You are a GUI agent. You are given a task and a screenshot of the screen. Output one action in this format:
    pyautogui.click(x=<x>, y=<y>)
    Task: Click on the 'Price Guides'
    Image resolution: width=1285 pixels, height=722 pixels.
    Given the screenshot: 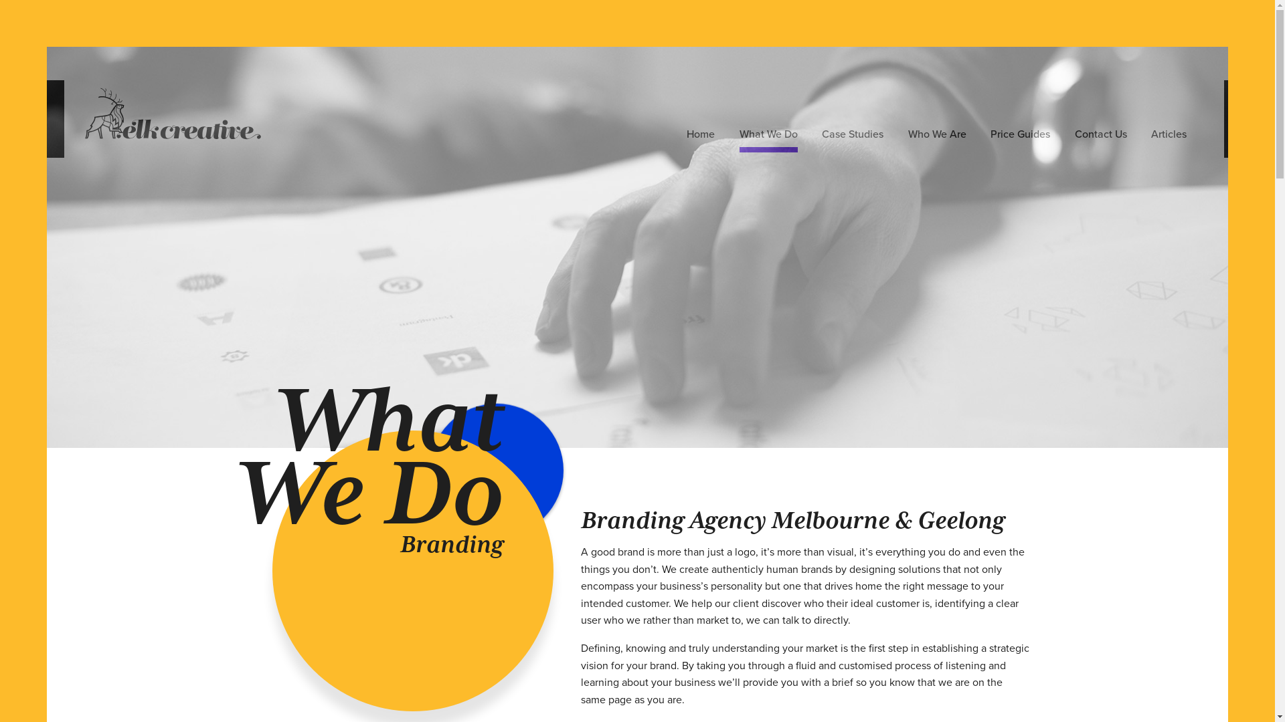 What is the action you would take?
    pyautogui.click(x=1019, y=136)
    